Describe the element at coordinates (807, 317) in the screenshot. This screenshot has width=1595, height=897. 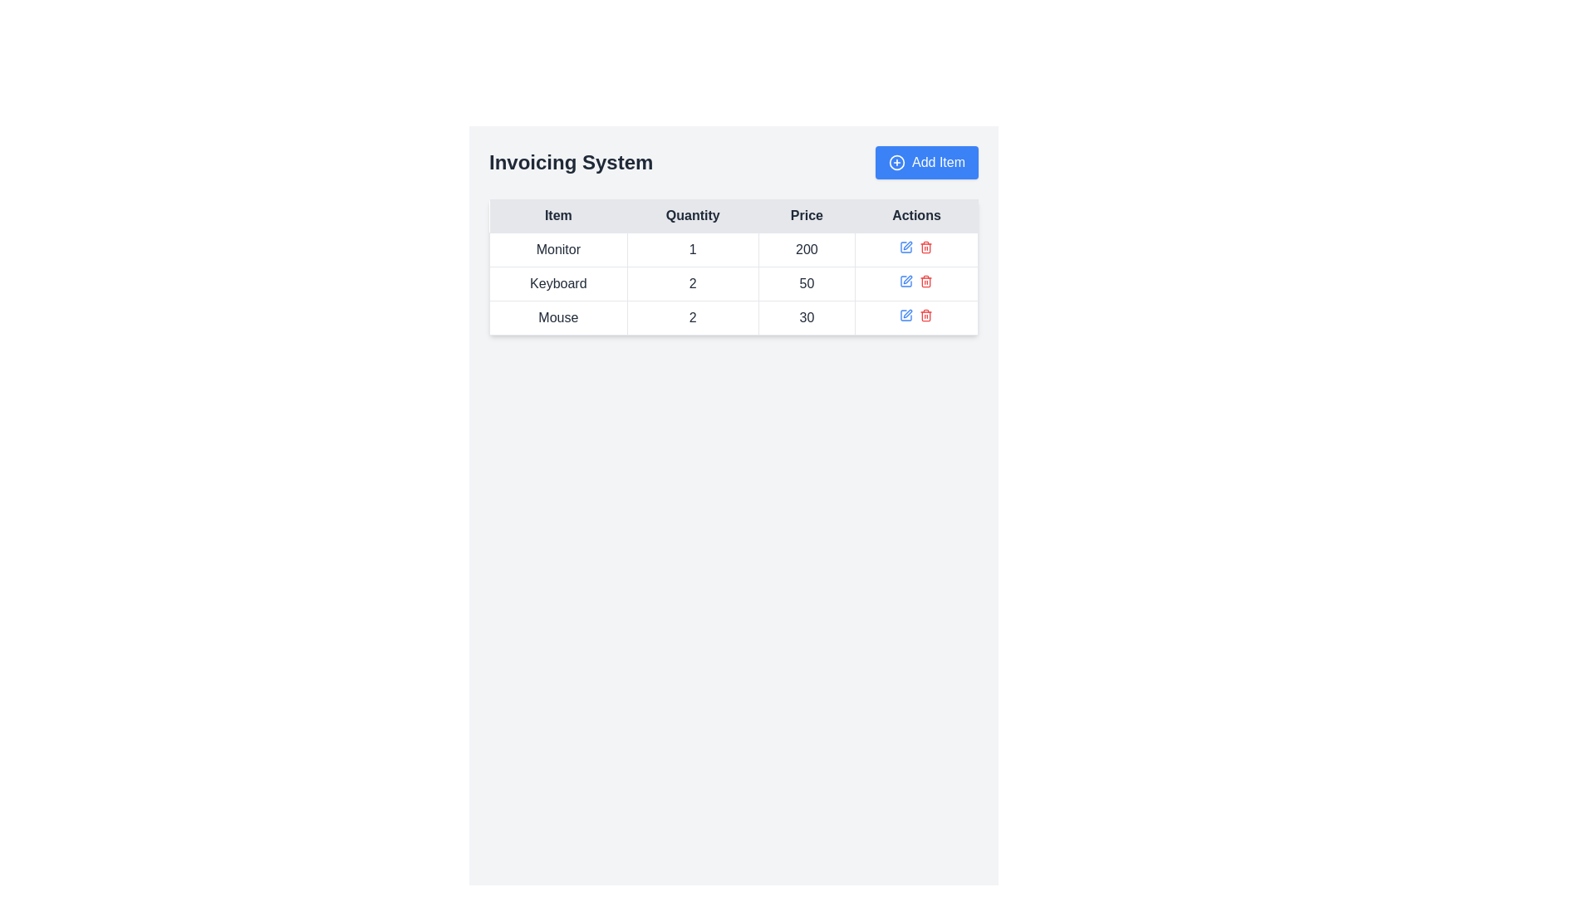
I see `the price label for the 'Mouse' item located in the last row of the invoicing system table` at that location.